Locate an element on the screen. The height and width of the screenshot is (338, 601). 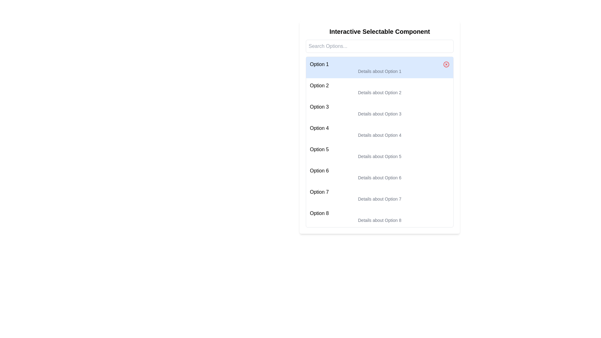
the text label reading 'Details about Option 2', which is positioned below the 'Option 2' label in a dropdown-like interface, to trigger potential highlight effects is located at coordinates (379, 93).